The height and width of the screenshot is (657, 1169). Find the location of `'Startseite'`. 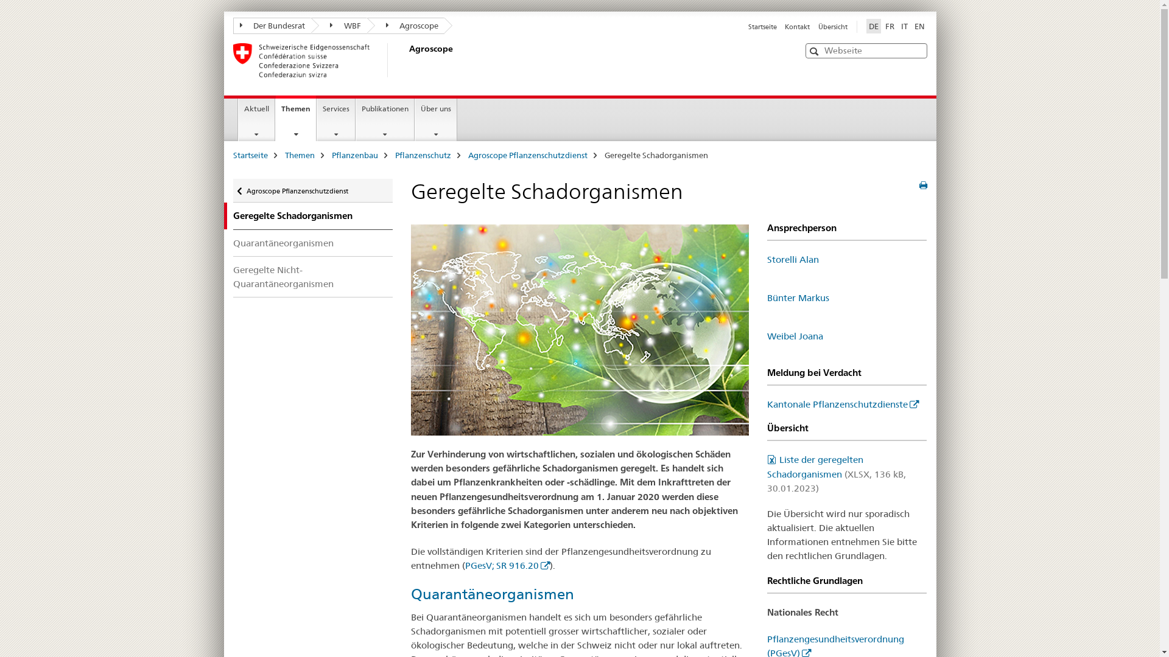

'Startseite' is located at coordinates (249, 154).